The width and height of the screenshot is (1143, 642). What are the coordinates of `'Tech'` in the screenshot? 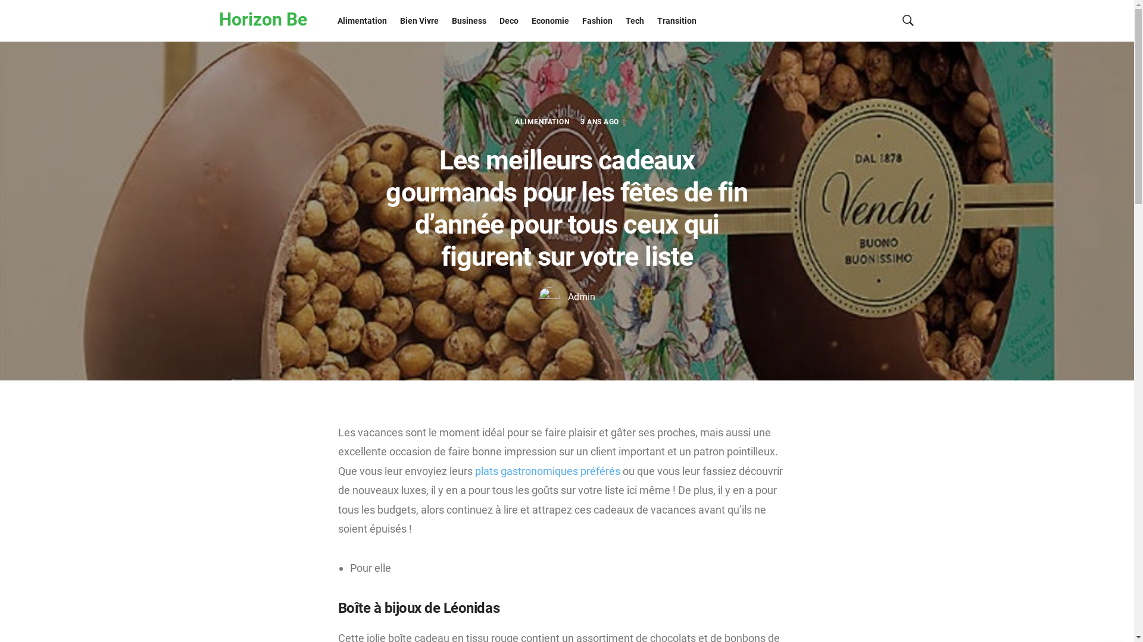 It's located at (634, 20).